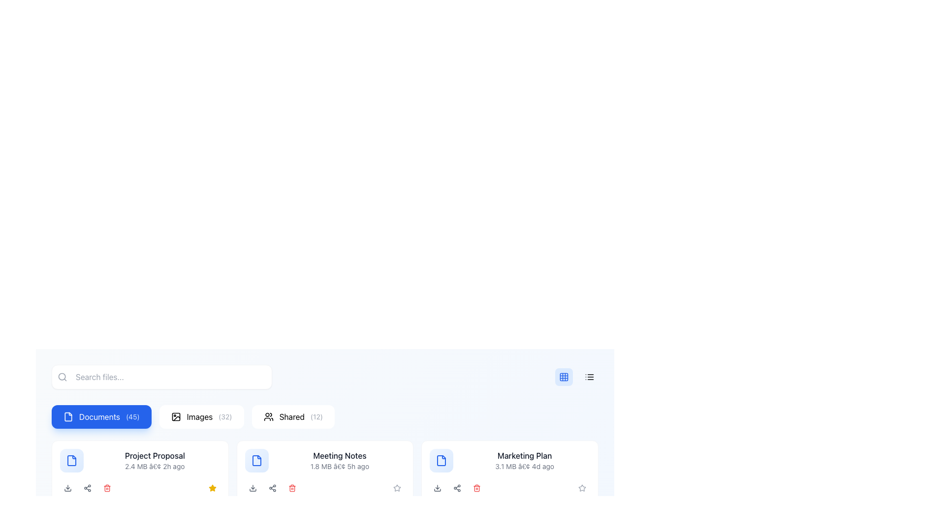 The height and width of the screenshot is (531, 945). I want to click on the square icon with a rounded rectangular shape, featuring a gradient blue background and a white document icon, located, so click(71, 461).